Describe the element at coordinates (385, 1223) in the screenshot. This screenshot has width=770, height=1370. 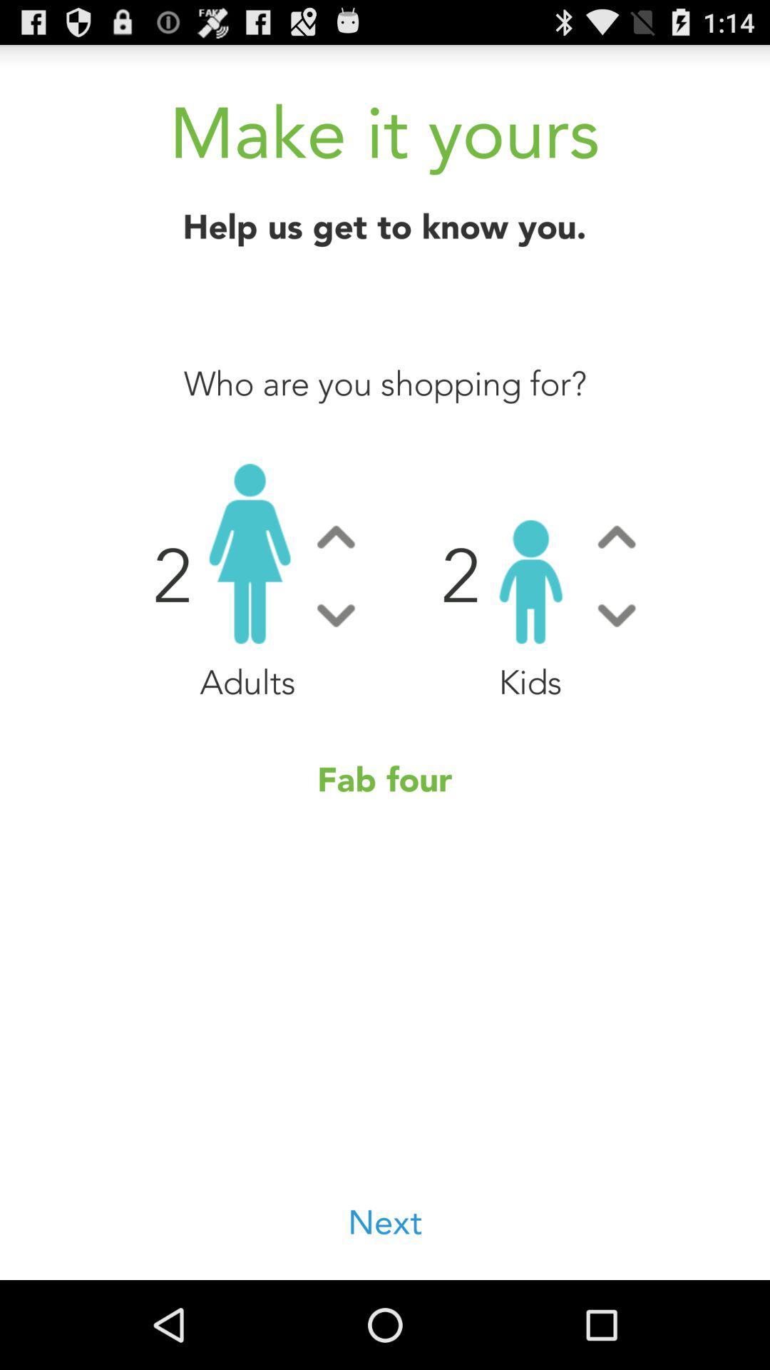
I see `the icon at the bottom` at that location.